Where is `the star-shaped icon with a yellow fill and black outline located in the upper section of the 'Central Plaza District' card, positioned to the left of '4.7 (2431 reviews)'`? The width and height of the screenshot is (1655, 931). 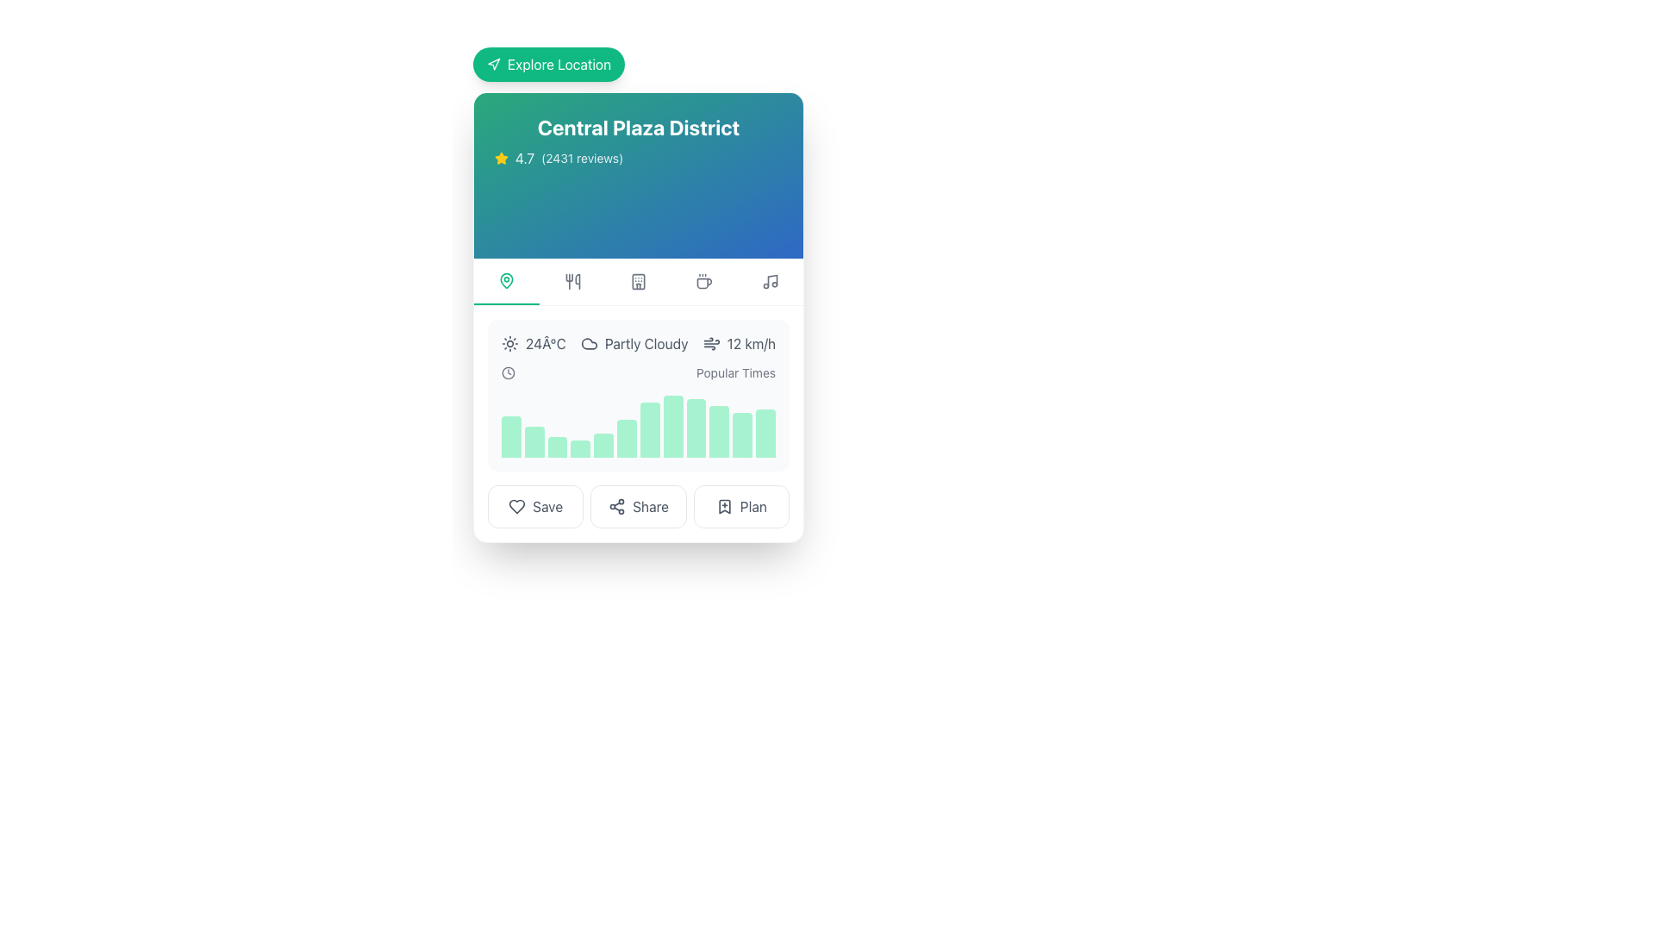 the star-shaped icon with a yellow fill and black outline located in the upper section of the 'Central Plaza District' card, positioned to the left of '4.7 (2431 reviews)' is located at coordinates (500, 158).